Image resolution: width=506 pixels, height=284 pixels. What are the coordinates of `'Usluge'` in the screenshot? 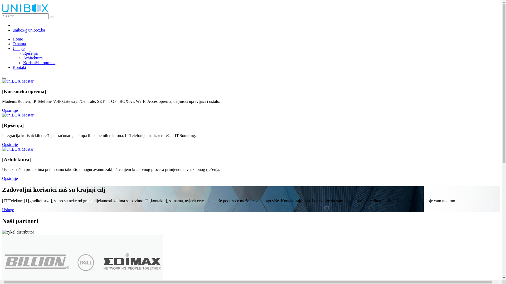 It's located at (8, 209).